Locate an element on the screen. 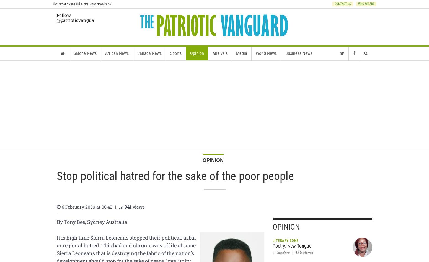 The width and height of the screenshot is (429, 262). 'Analysis' is located at coordinates (219, 53).